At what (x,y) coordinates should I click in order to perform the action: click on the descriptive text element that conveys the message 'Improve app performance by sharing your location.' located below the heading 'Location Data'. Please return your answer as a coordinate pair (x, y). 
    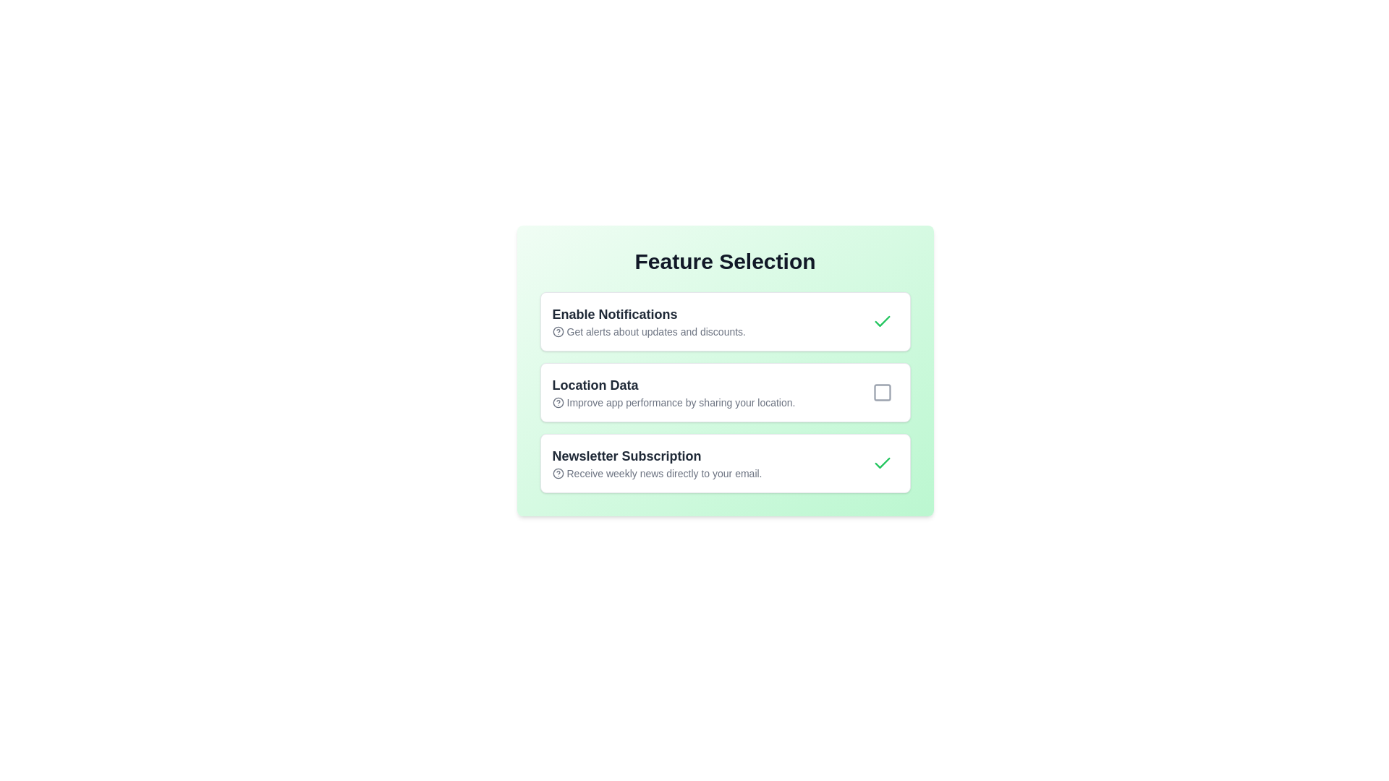
    Looking at the image, I should click on (673, 402).